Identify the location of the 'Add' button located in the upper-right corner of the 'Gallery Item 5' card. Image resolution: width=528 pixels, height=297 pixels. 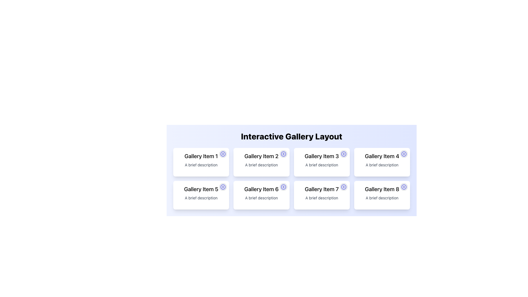
(223, 186).